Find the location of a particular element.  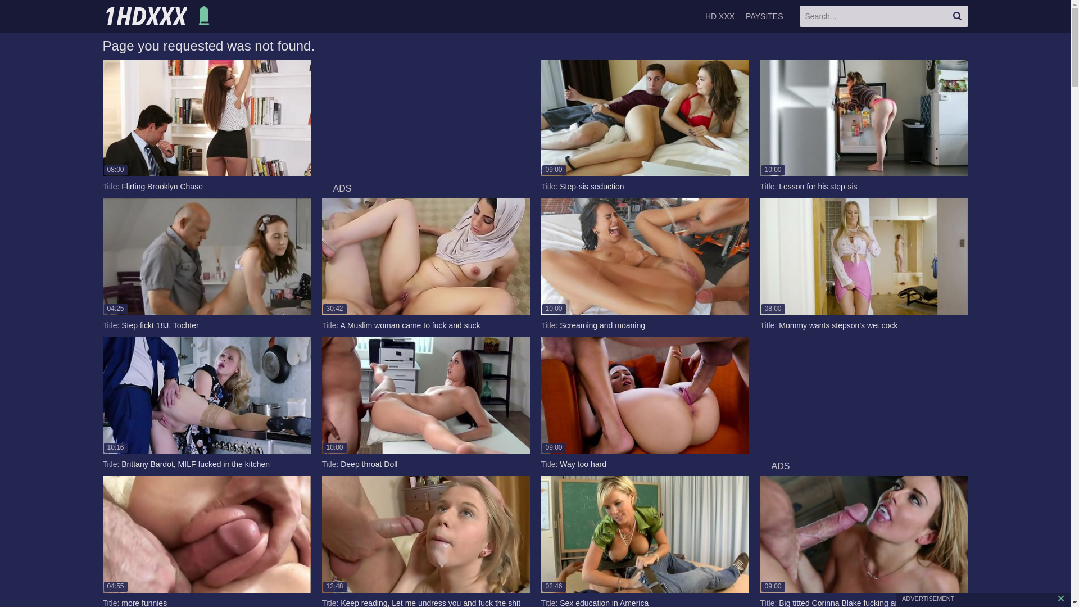

'PAYSITES' is located at coordinates (764, 16).